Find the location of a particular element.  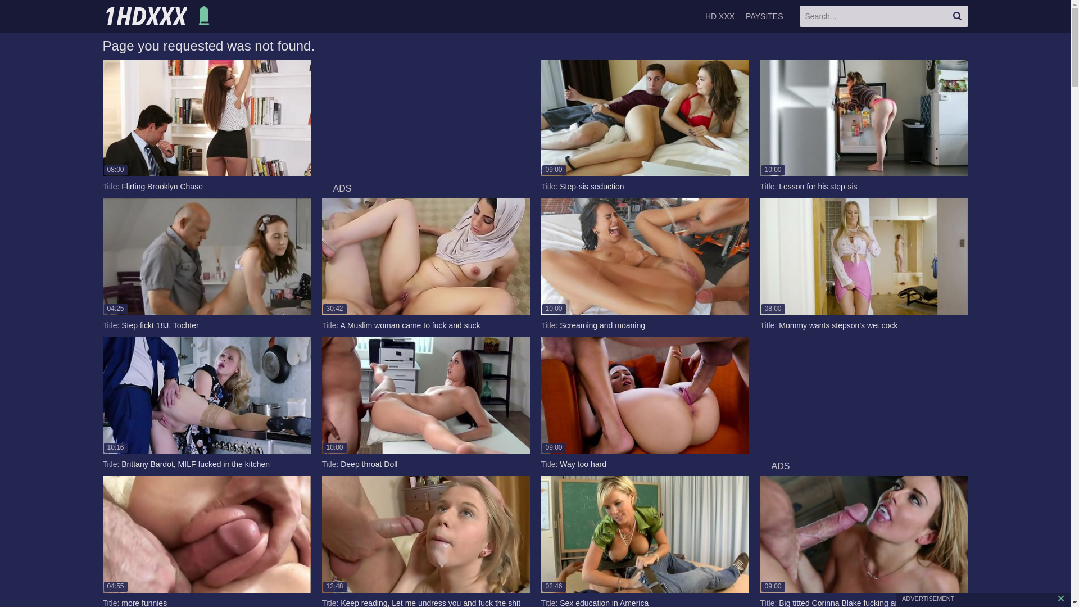

'PAYSITES' is located at coordinates (764, 16).